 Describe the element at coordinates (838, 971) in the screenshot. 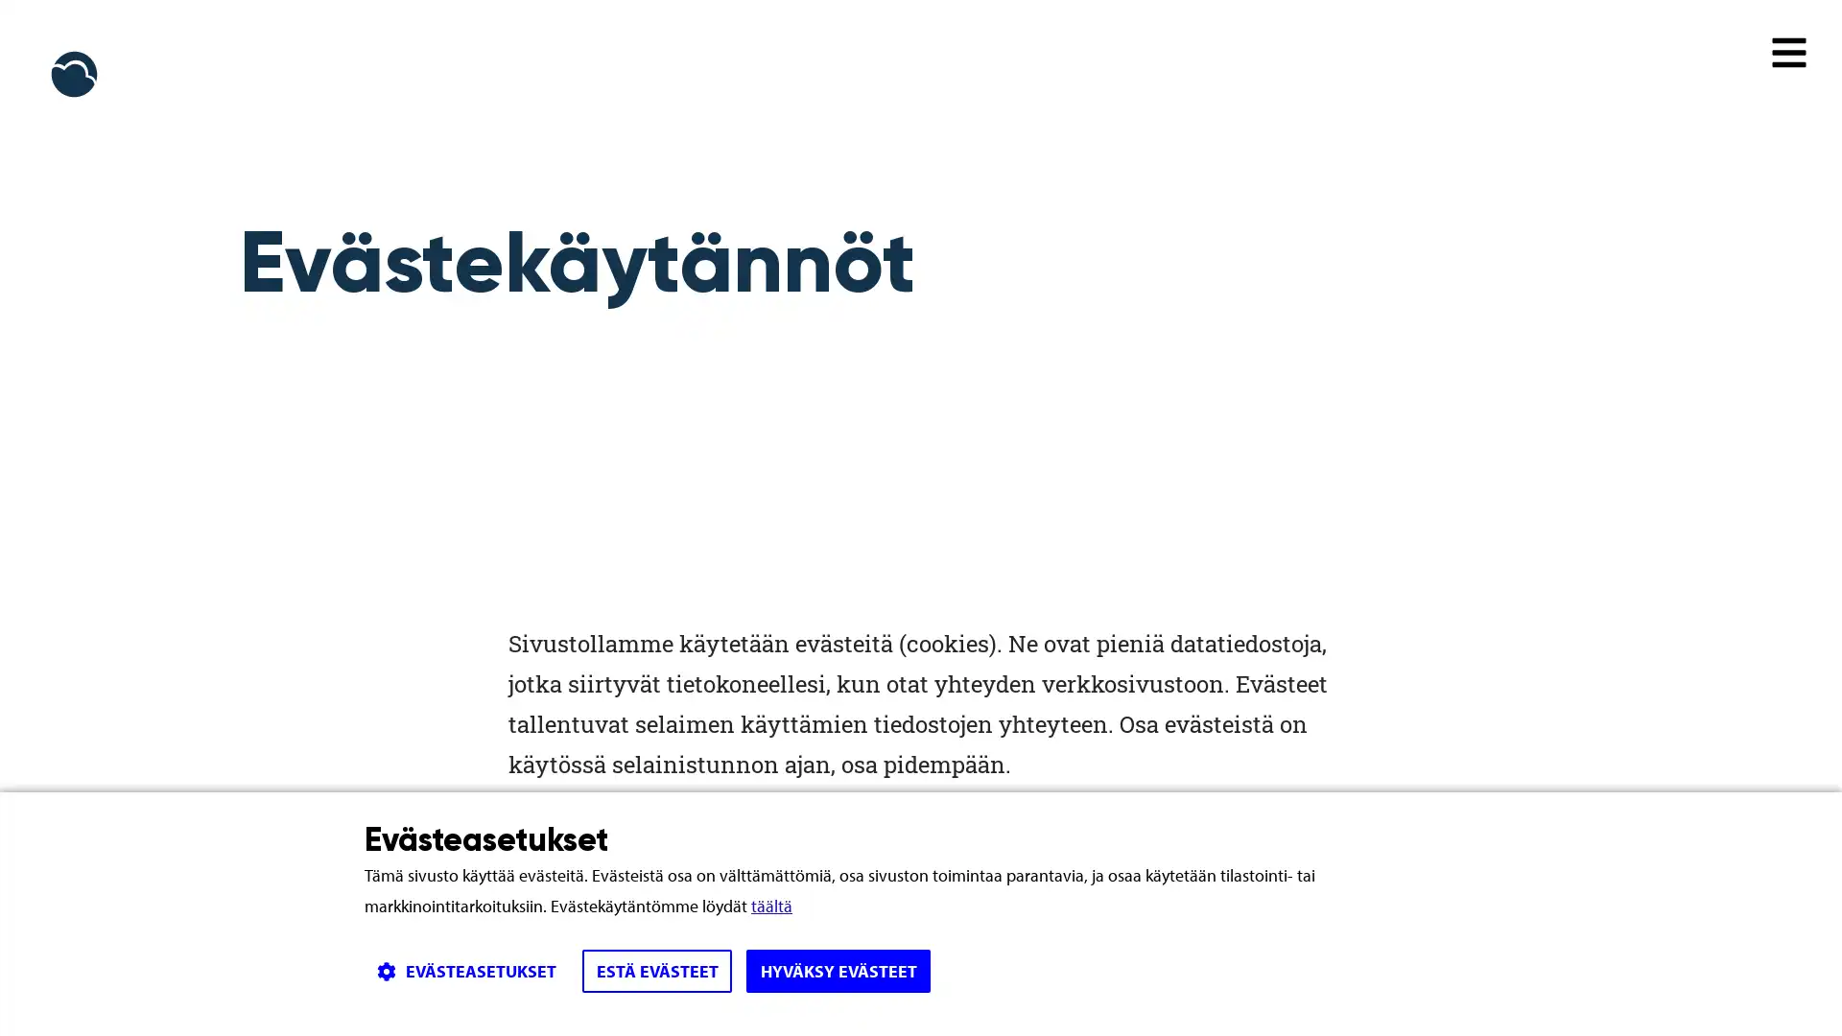

I see `HYVAKSY EVASTEET` at that location.